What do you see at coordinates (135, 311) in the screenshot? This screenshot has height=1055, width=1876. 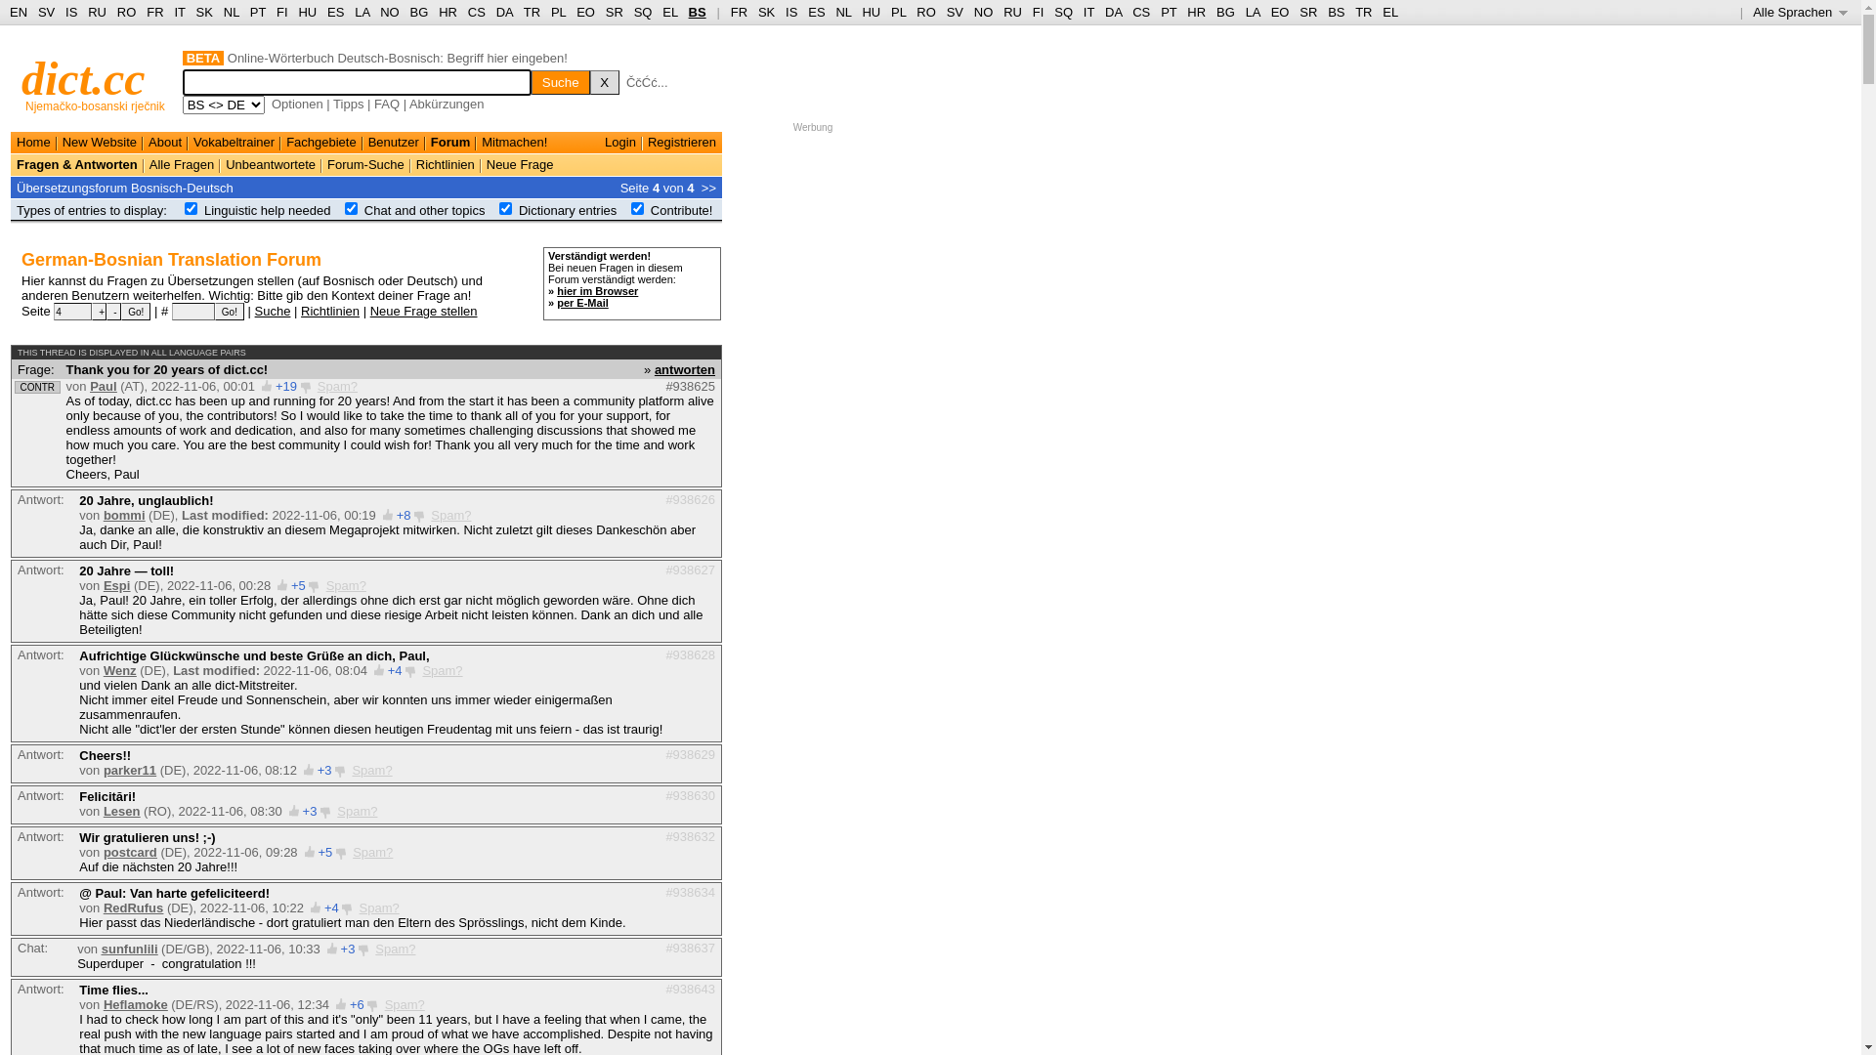 I see `'Go!'` at bounding box center [135, 311].